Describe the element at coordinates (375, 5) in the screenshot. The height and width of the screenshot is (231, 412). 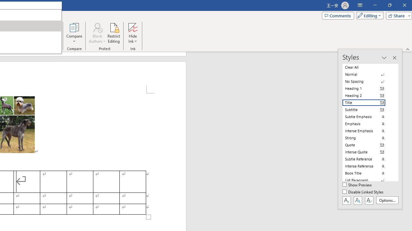
I see `'Minimize'` at that location.